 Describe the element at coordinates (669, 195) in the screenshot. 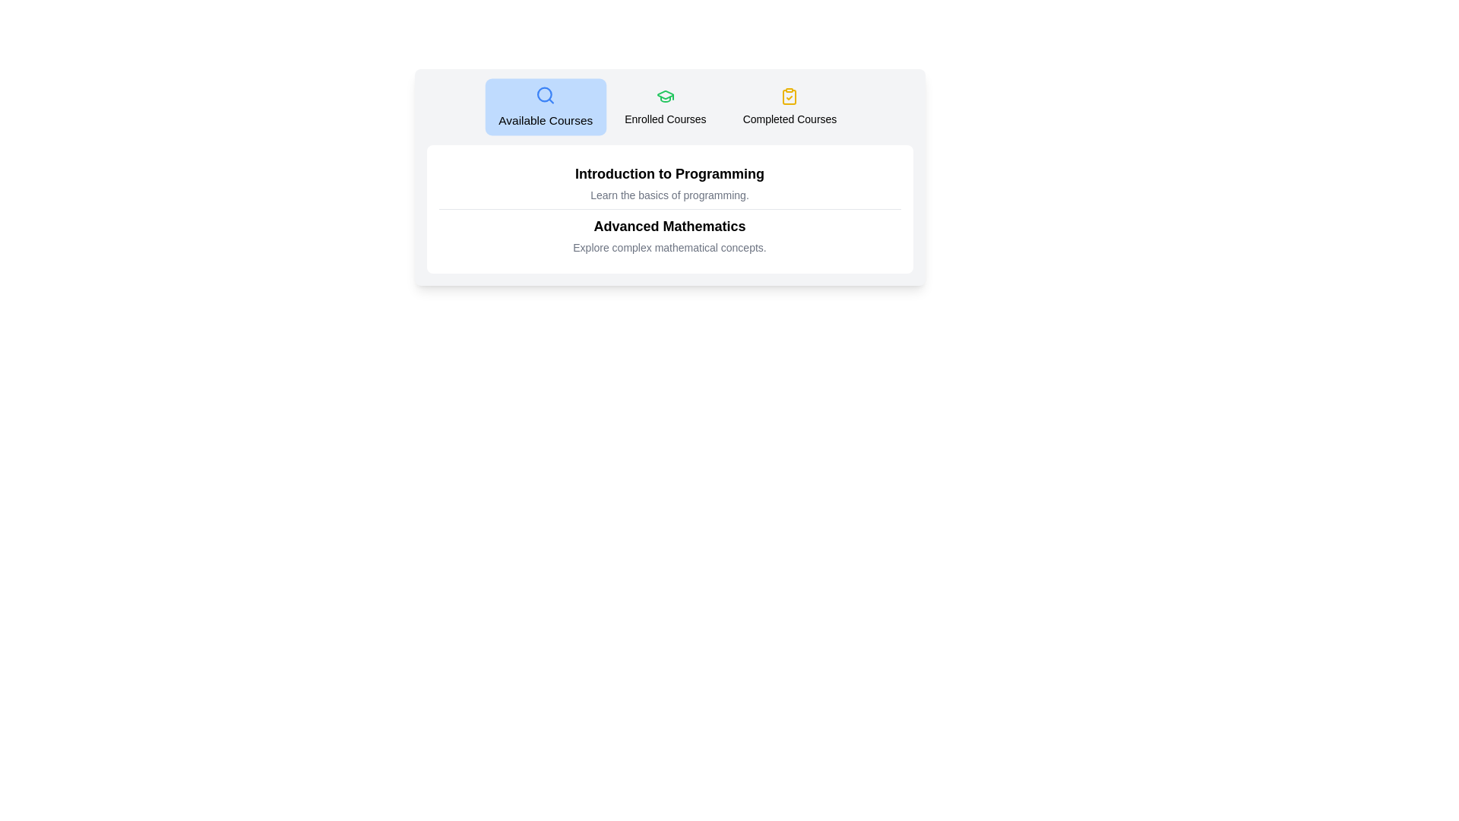

I see `the text 'Learn the basics of programming.'` at that location.